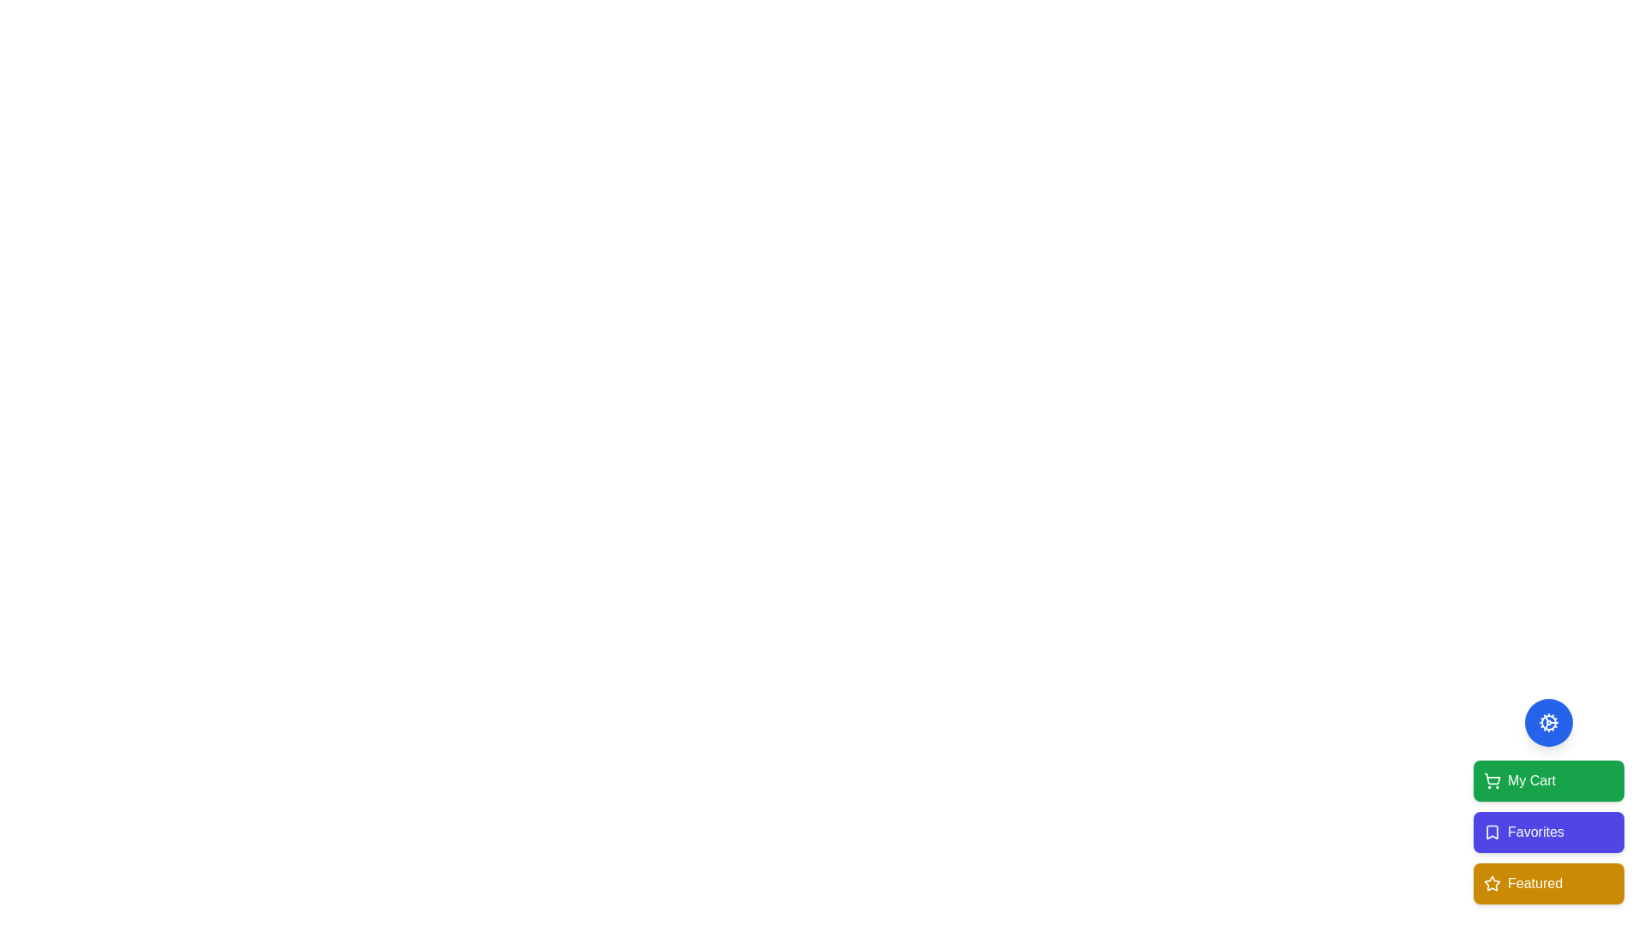 The width and height of the screenshot is (1645, 925). What do you see at coordinates (1534, 884) in the screenshot?
I see `text label for the 'Featured' button, which is positioned to the right of the star icon and indicates its purpose to highlight or filter featured items` at bounding box center [1534, 884].